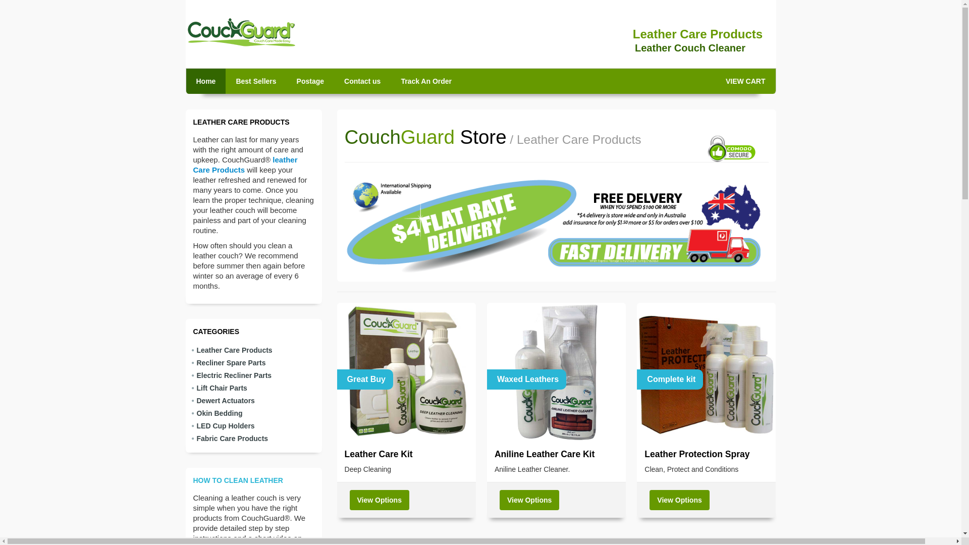 This screenshot has height=545, width=969. I want to click on 'Dewert Actuators', so click(257, 400).